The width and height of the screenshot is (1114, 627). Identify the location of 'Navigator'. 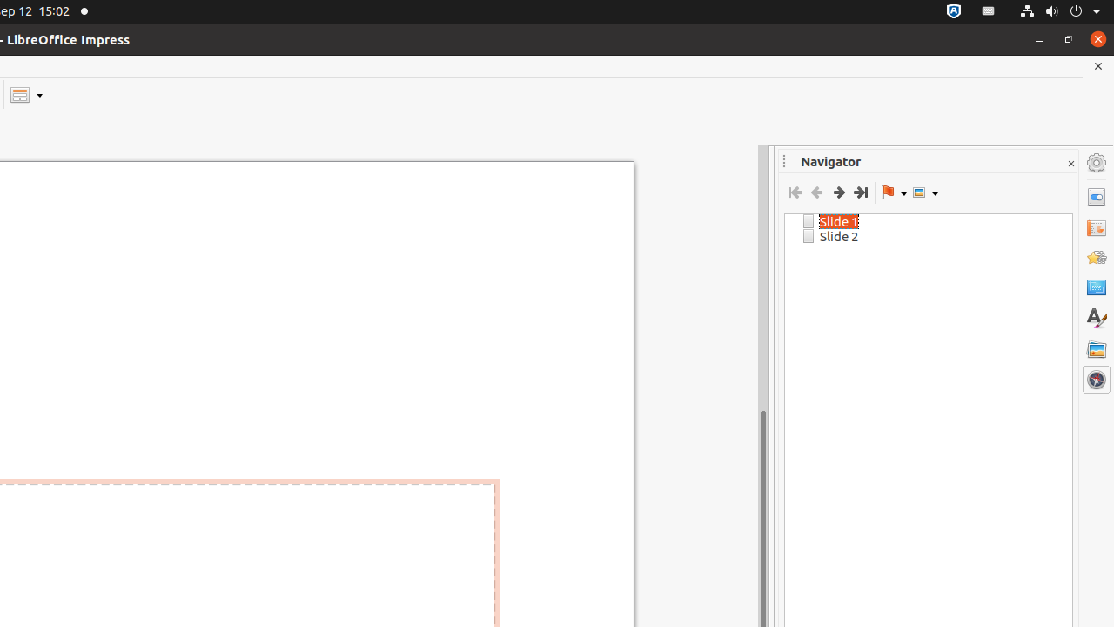
(1096, 379).